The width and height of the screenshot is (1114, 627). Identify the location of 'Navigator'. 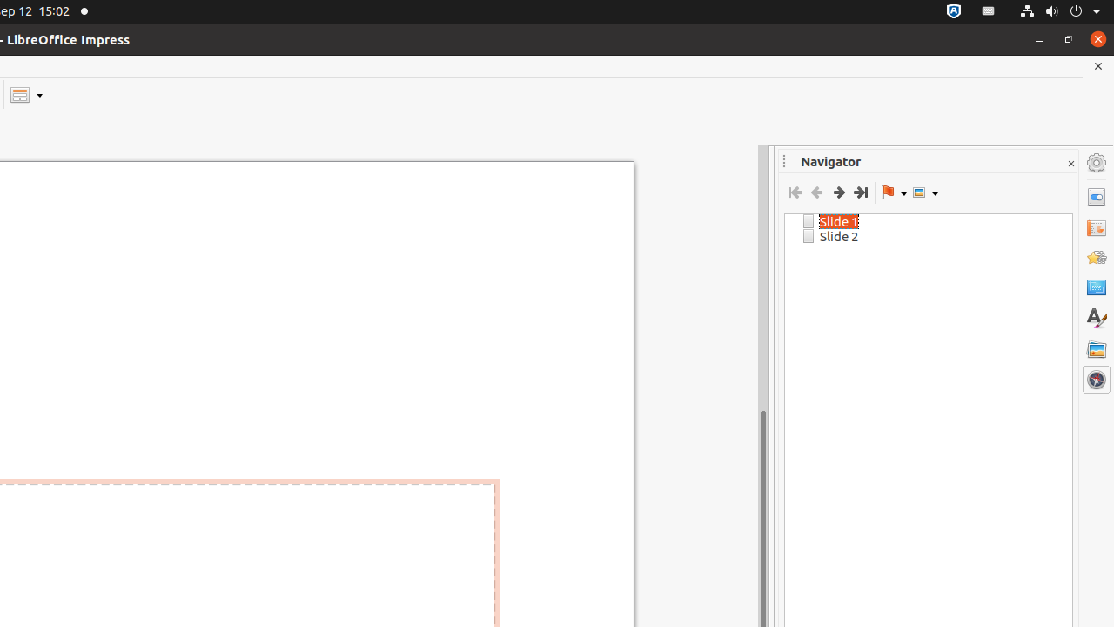
(1096, 379).